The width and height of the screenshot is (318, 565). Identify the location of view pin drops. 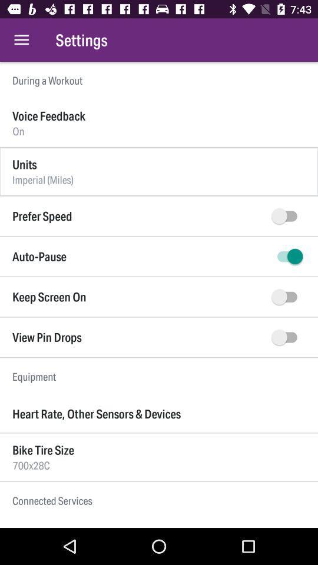
(286, 337).